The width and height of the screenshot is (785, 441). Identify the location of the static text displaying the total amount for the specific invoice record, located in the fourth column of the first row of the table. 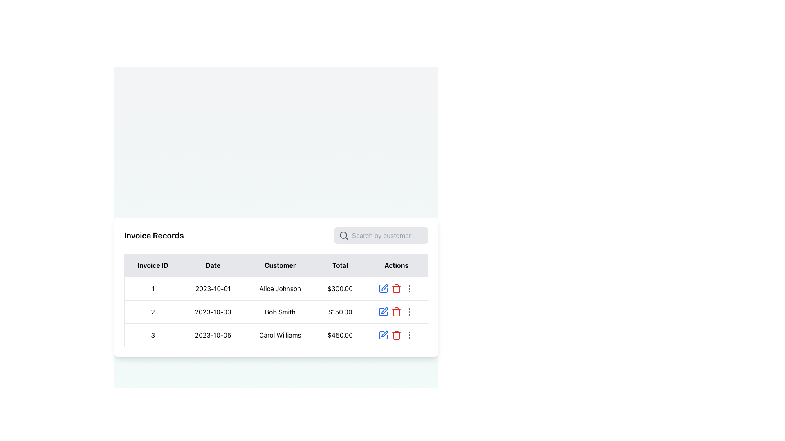
(340, 288).